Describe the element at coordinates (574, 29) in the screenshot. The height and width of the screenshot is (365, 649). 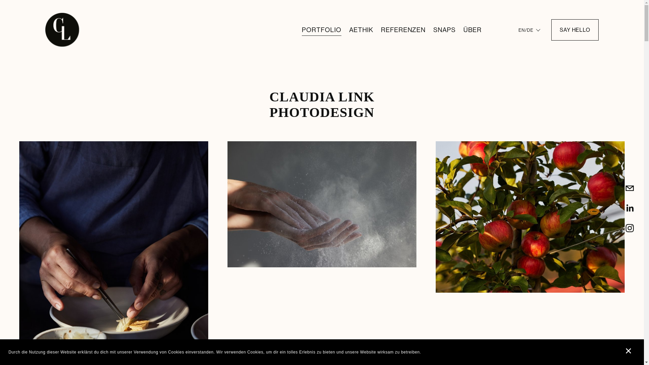
I see `'SAY HELLO'` at that location.